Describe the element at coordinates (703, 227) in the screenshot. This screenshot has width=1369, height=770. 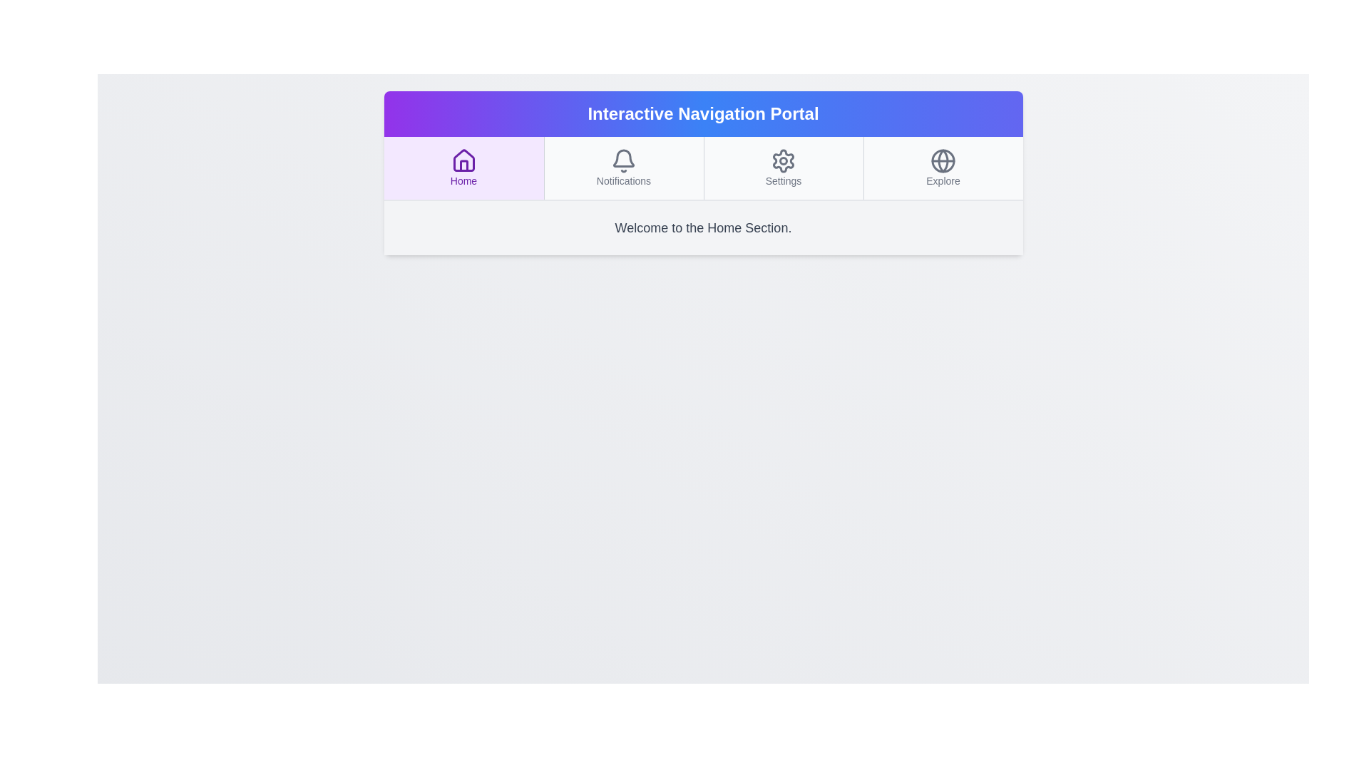
I see `welcome message displayed as static text, which is centrally positioned below the navigation bar in the main area of the webpage` at that location.